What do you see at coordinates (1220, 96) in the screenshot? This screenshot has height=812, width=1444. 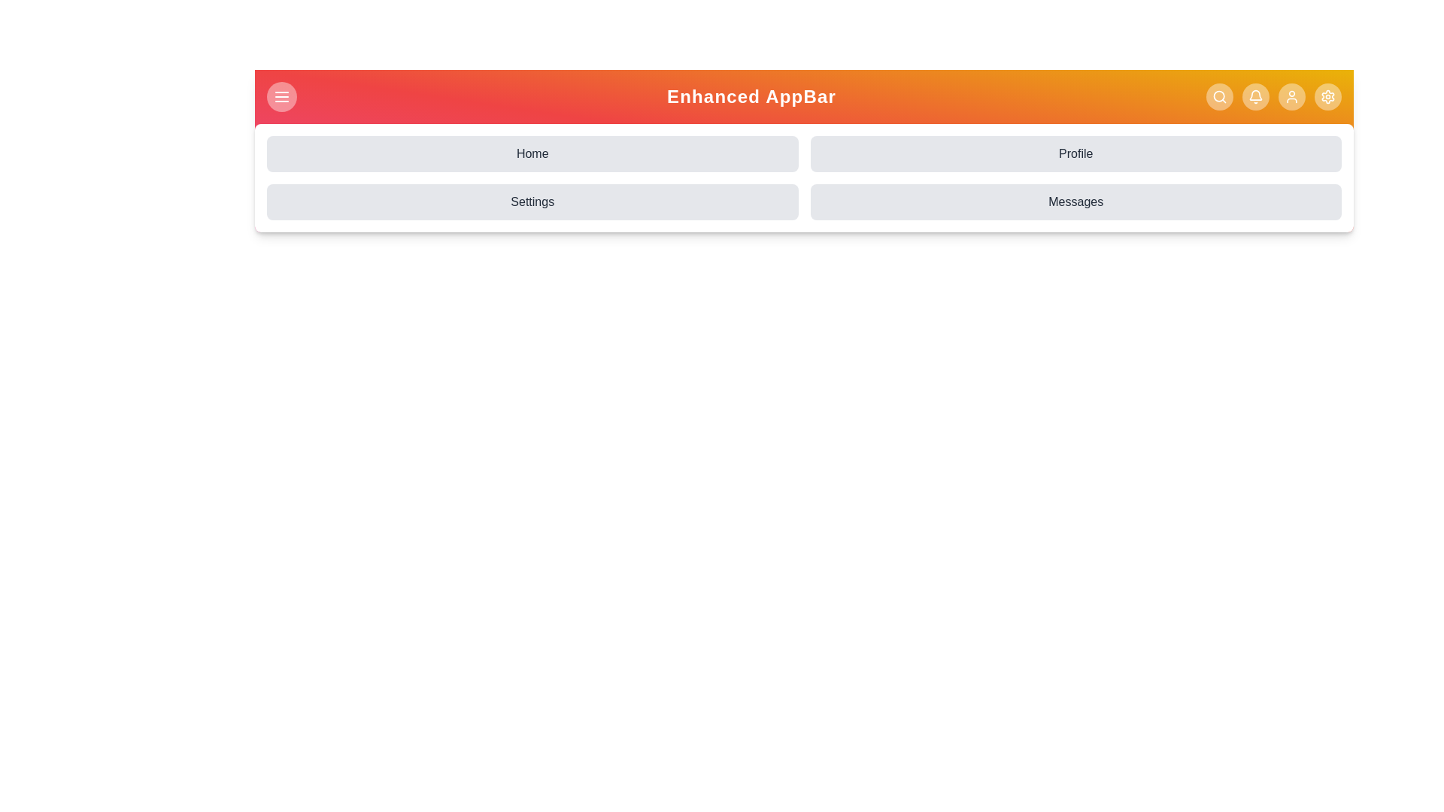 I see `the search button in the header` at bounding box center [1220, 96].